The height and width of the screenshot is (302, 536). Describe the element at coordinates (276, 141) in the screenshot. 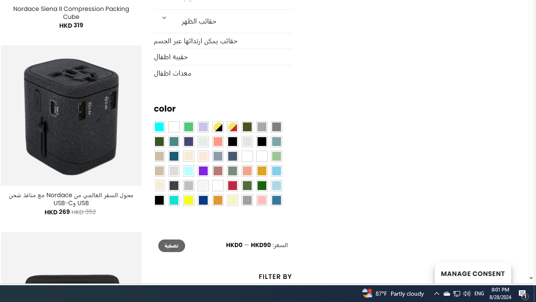

I see `'Blue Sage'` at that location.